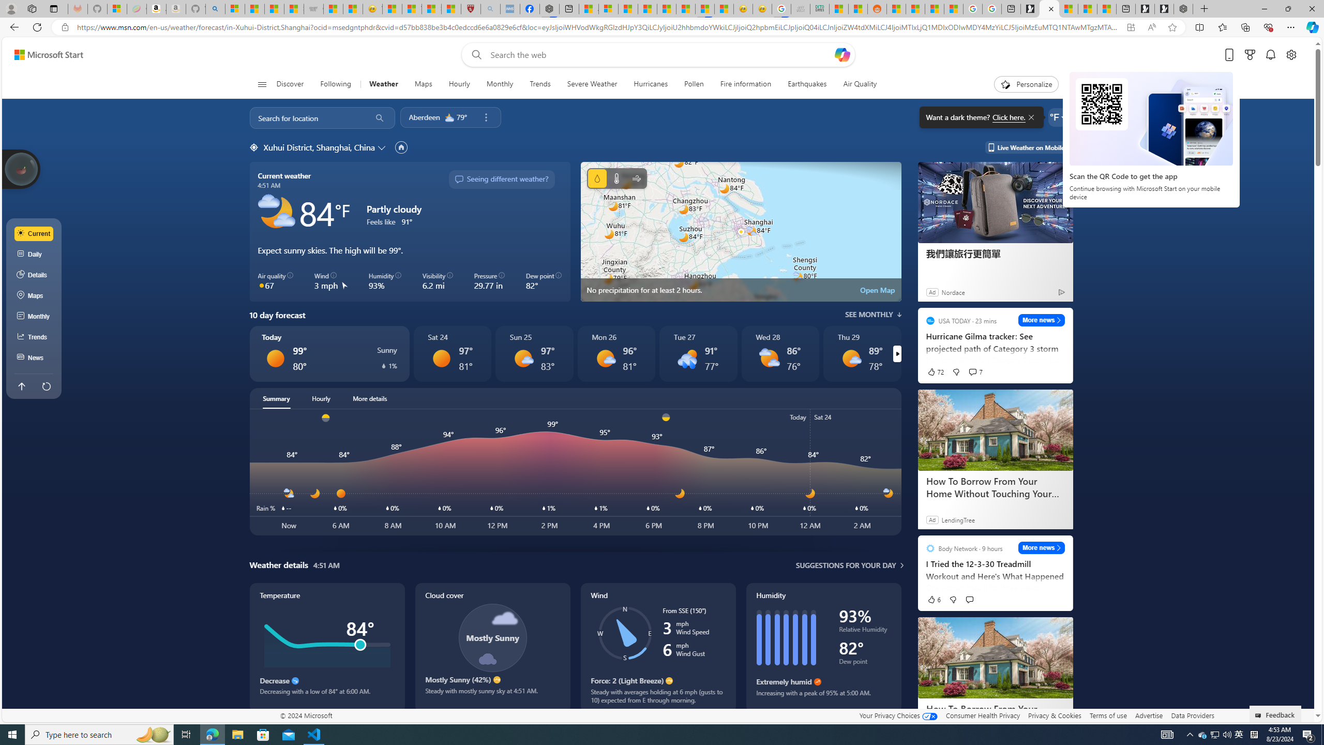  Describe the element at coordinates (34, 317) in the screenshot. I see `'Monthly'` at that location.